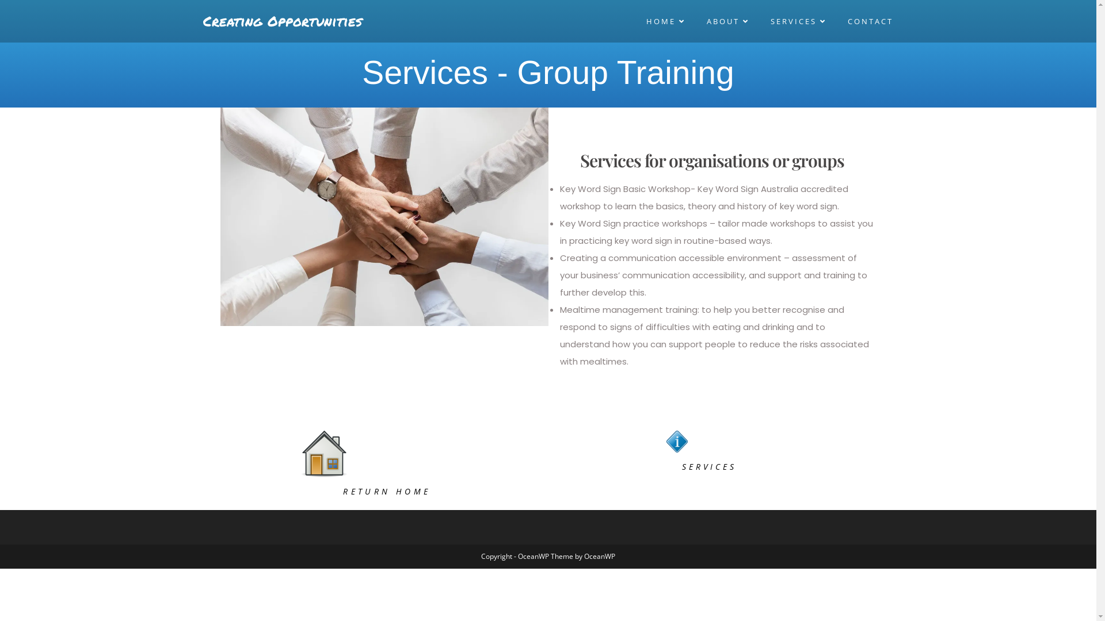 The height and width of the screenshot is (621, 1105). I want to click on 'HOME', so click(666, 21).